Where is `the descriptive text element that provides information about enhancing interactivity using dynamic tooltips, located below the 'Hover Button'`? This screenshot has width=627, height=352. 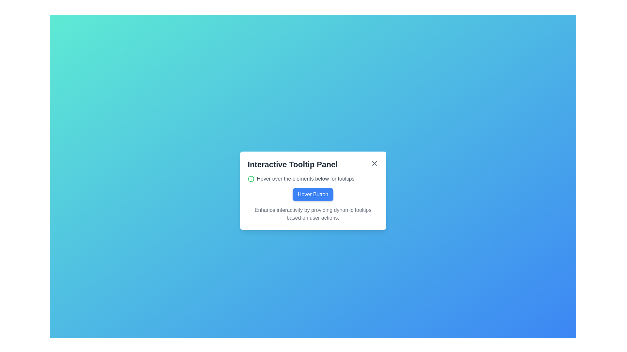
the descriptive text element that provides information about enhancing interactivity using dynamic tooltips, located below the 'Hover Button' is located at coordinates (313, 214).